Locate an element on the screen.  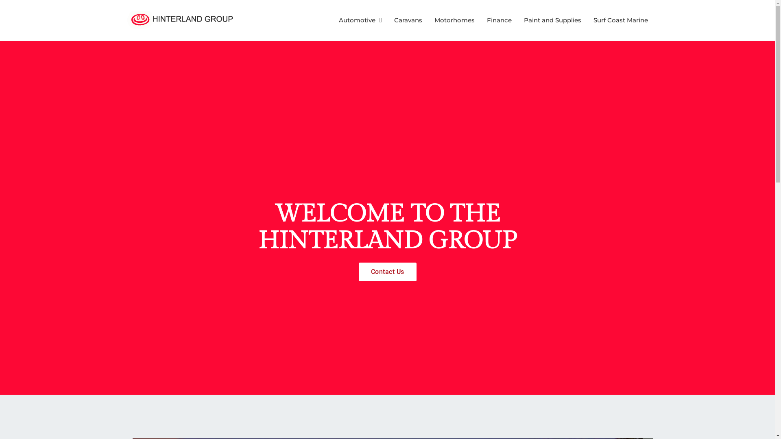
'Surf Coast Marine' is located at coordinates (620, 20).